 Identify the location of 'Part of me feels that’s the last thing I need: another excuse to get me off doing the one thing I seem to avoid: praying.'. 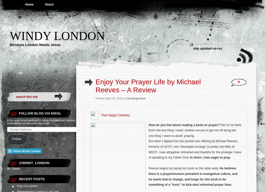
(148, 130).